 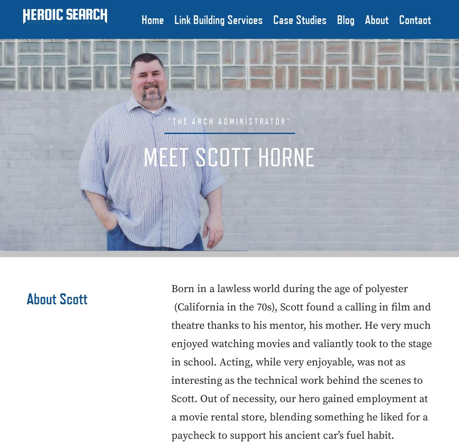 I want to click on 'About', so click(x=365, y=19).